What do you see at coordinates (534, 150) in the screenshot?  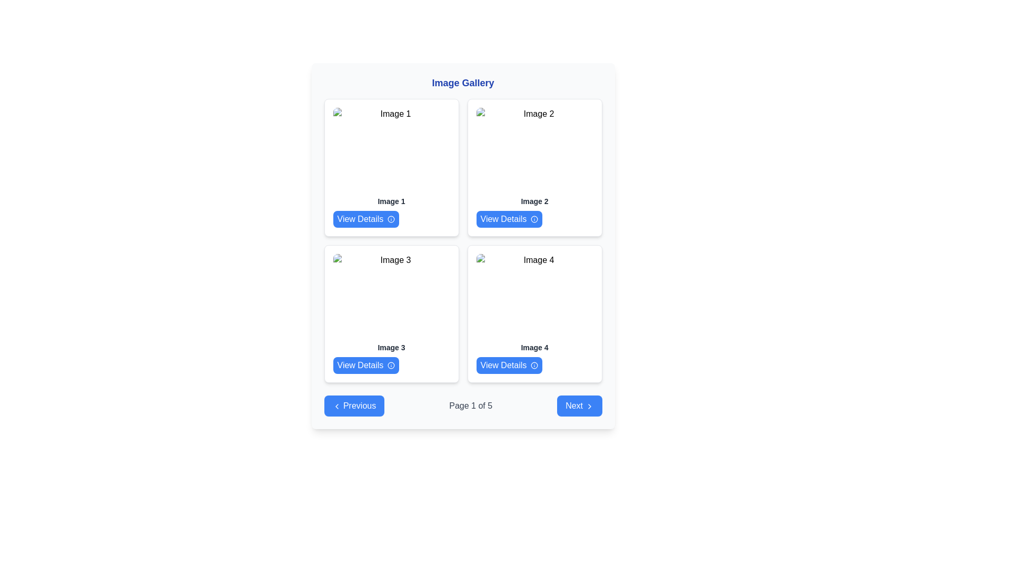 I see `the image with rounded corners located in the second card of the first row in the image gallery` at bounding box center [534, 150].